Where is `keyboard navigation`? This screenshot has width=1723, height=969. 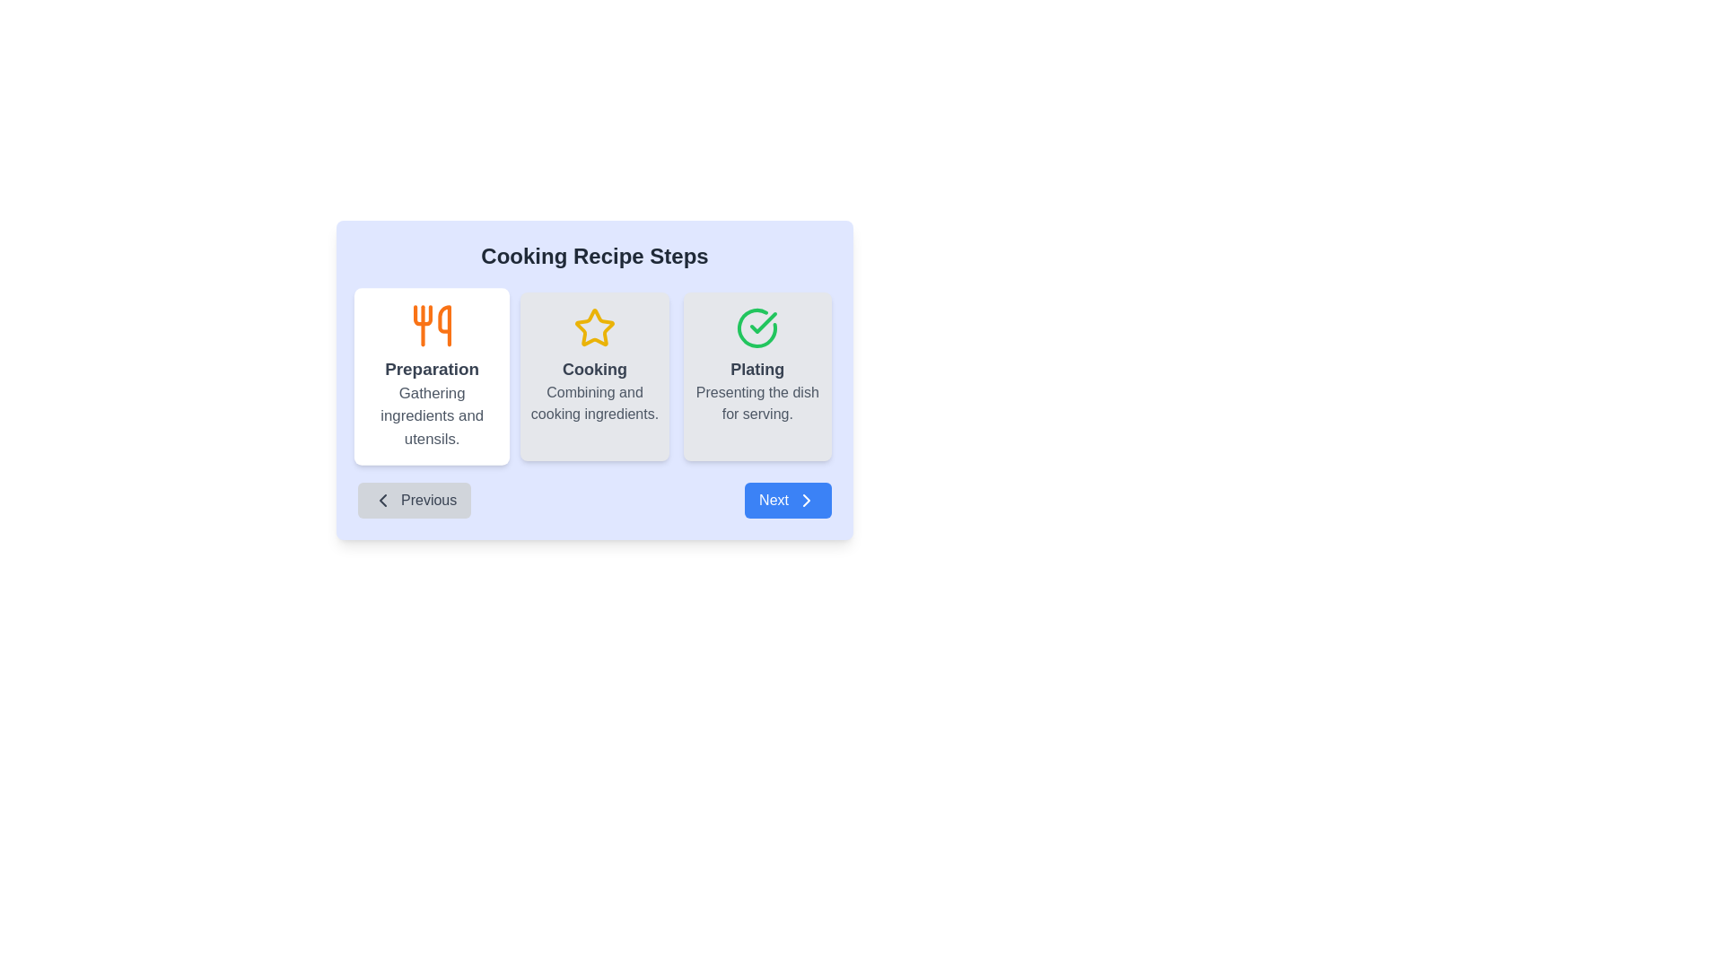
keyboard navigation is located at coordinates (594, 376).